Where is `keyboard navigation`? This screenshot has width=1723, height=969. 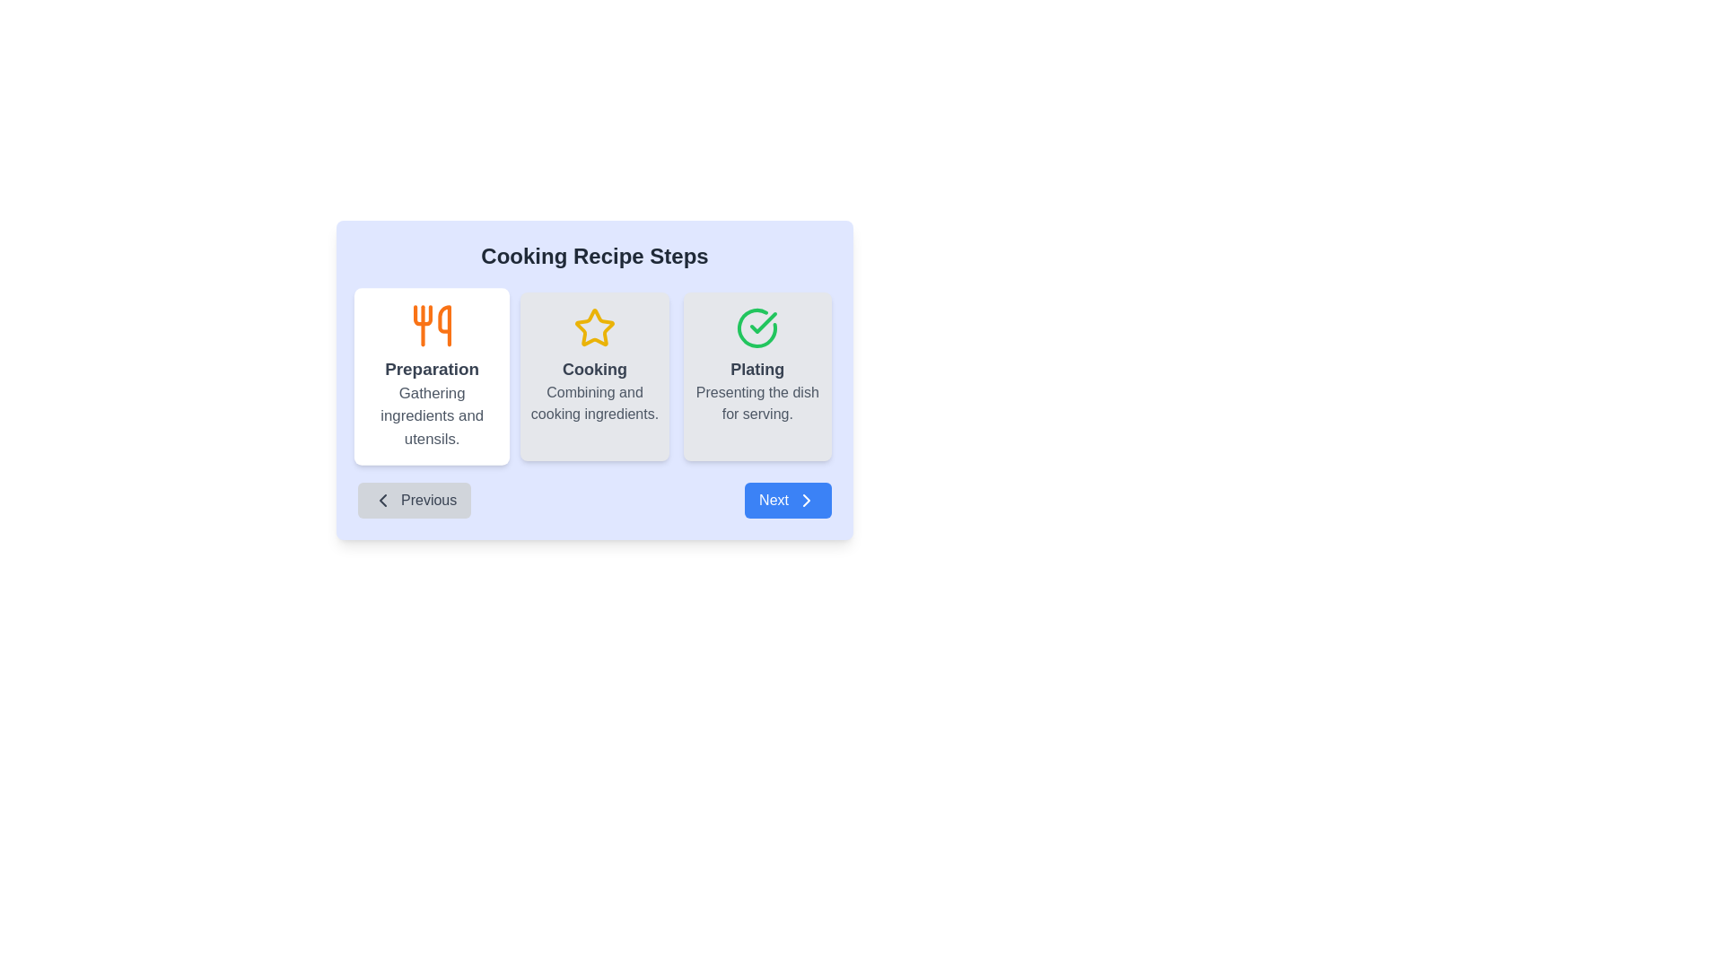
keyboard navigation is located at coordinates (594, 376).